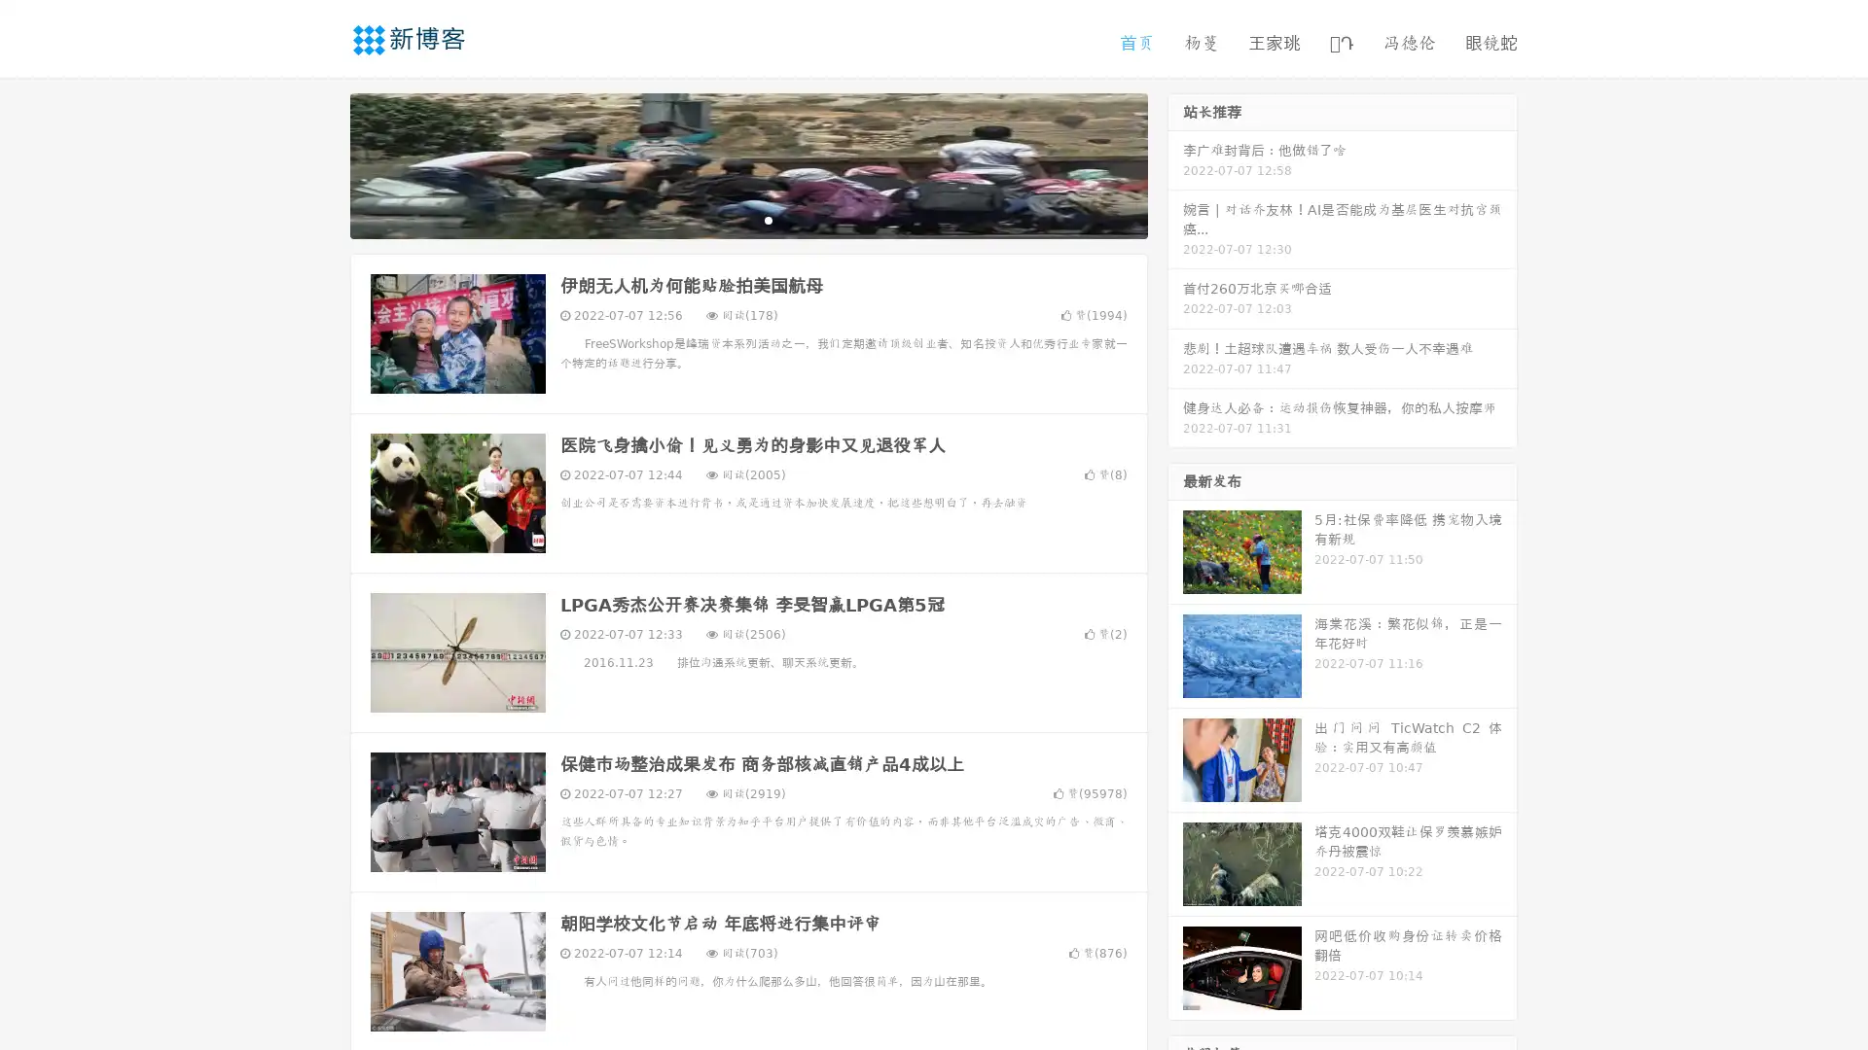  I want to click on Go to slide 1, so click(728, 219).